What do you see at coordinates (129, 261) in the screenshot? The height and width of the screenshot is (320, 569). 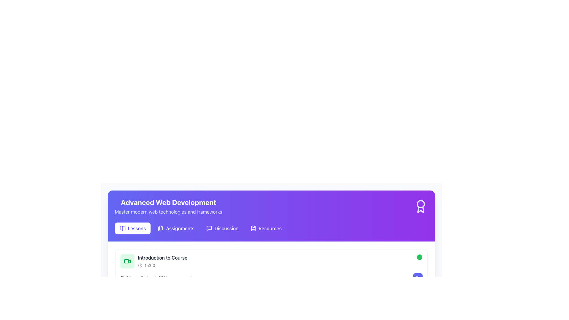 I see `the small green square icon indicating a video lesson in the 'Introduction to Course' section` at bounding box center [129, 261].